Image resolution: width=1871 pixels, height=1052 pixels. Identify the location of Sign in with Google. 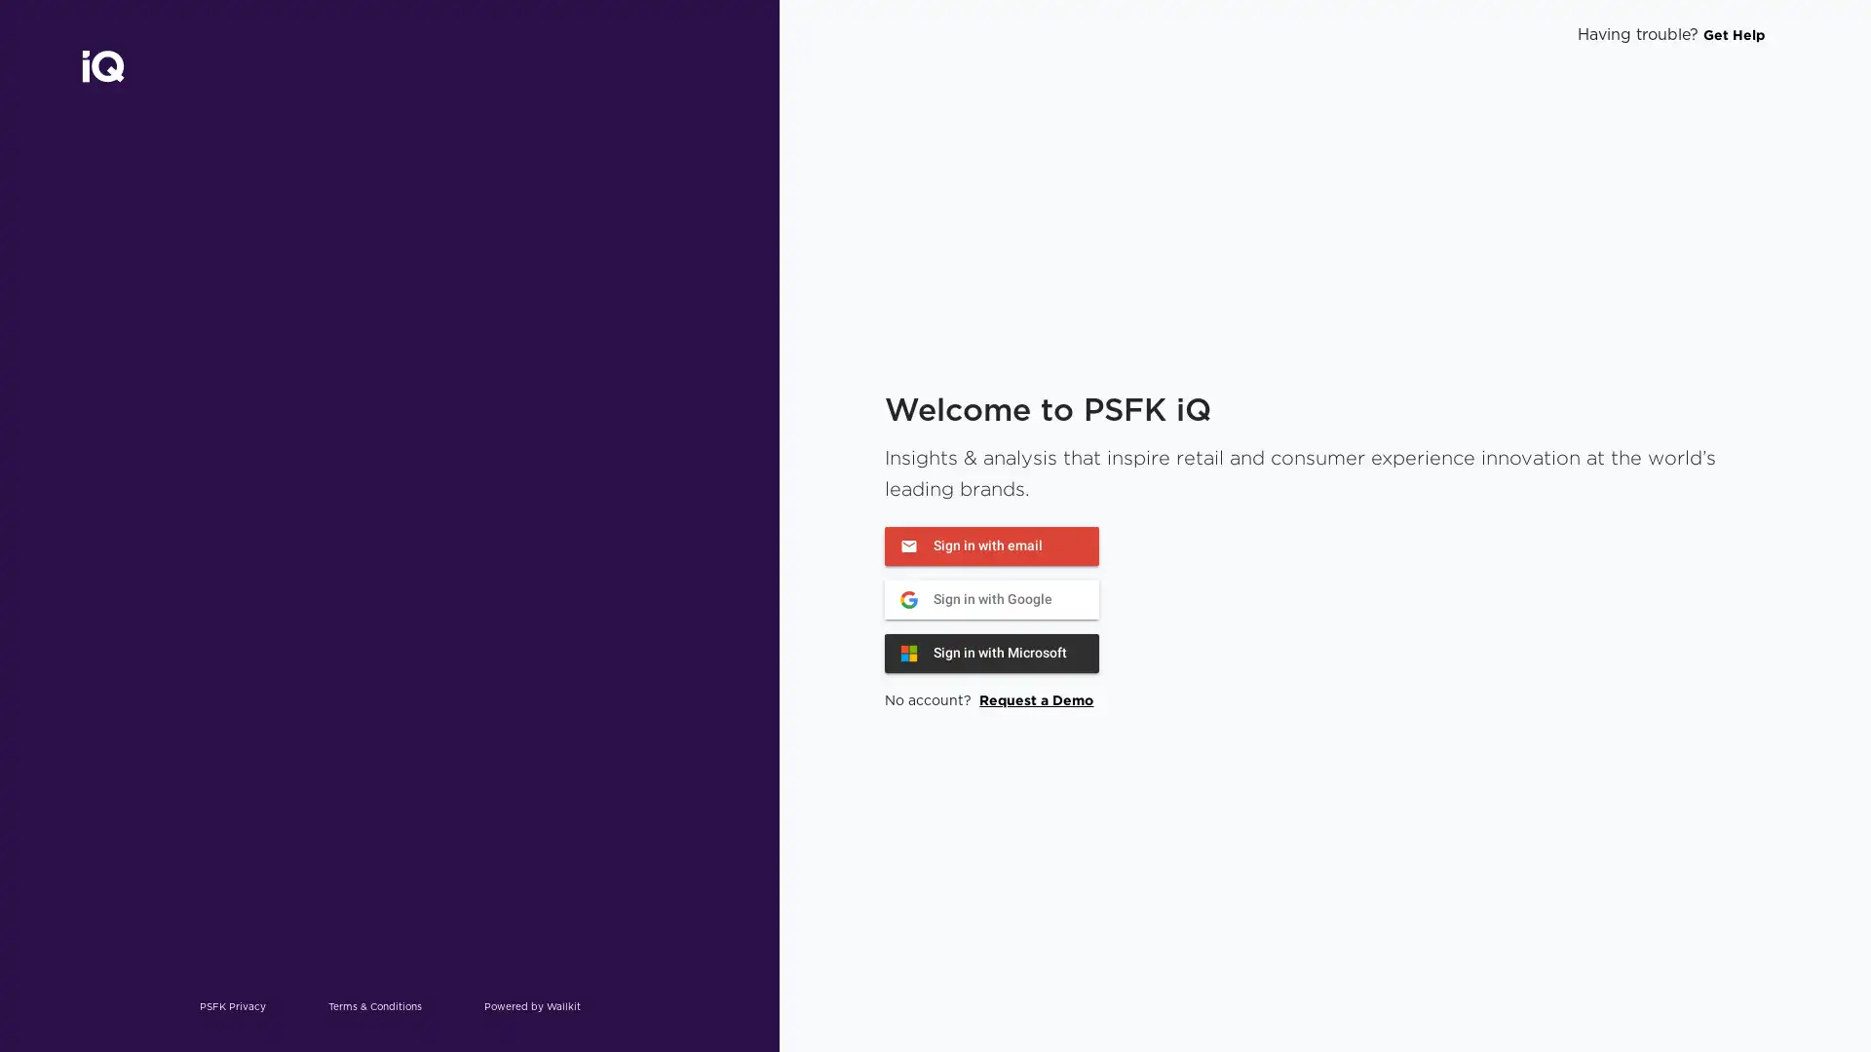
(991, 597).